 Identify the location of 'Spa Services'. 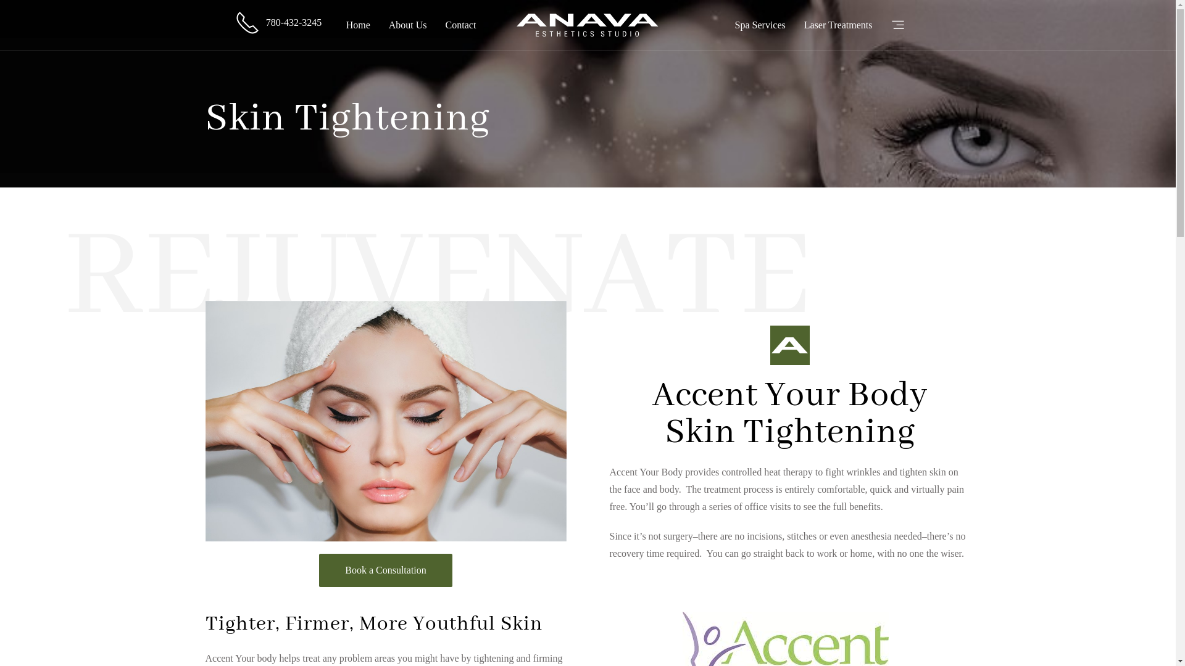
(760, 25).